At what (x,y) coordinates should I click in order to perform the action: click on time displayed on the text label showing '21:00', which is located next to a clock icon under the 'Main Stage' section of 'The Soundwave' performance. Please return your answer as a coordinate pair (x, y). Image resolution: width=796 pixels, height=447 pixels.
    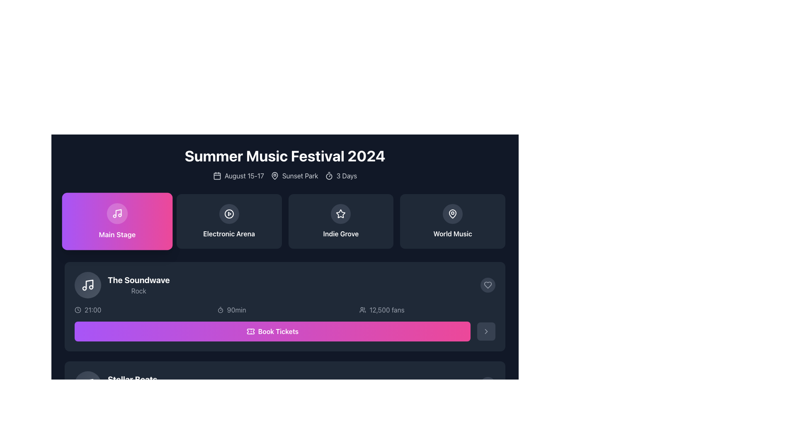
    Looking at the image, I should click on (93, 310).